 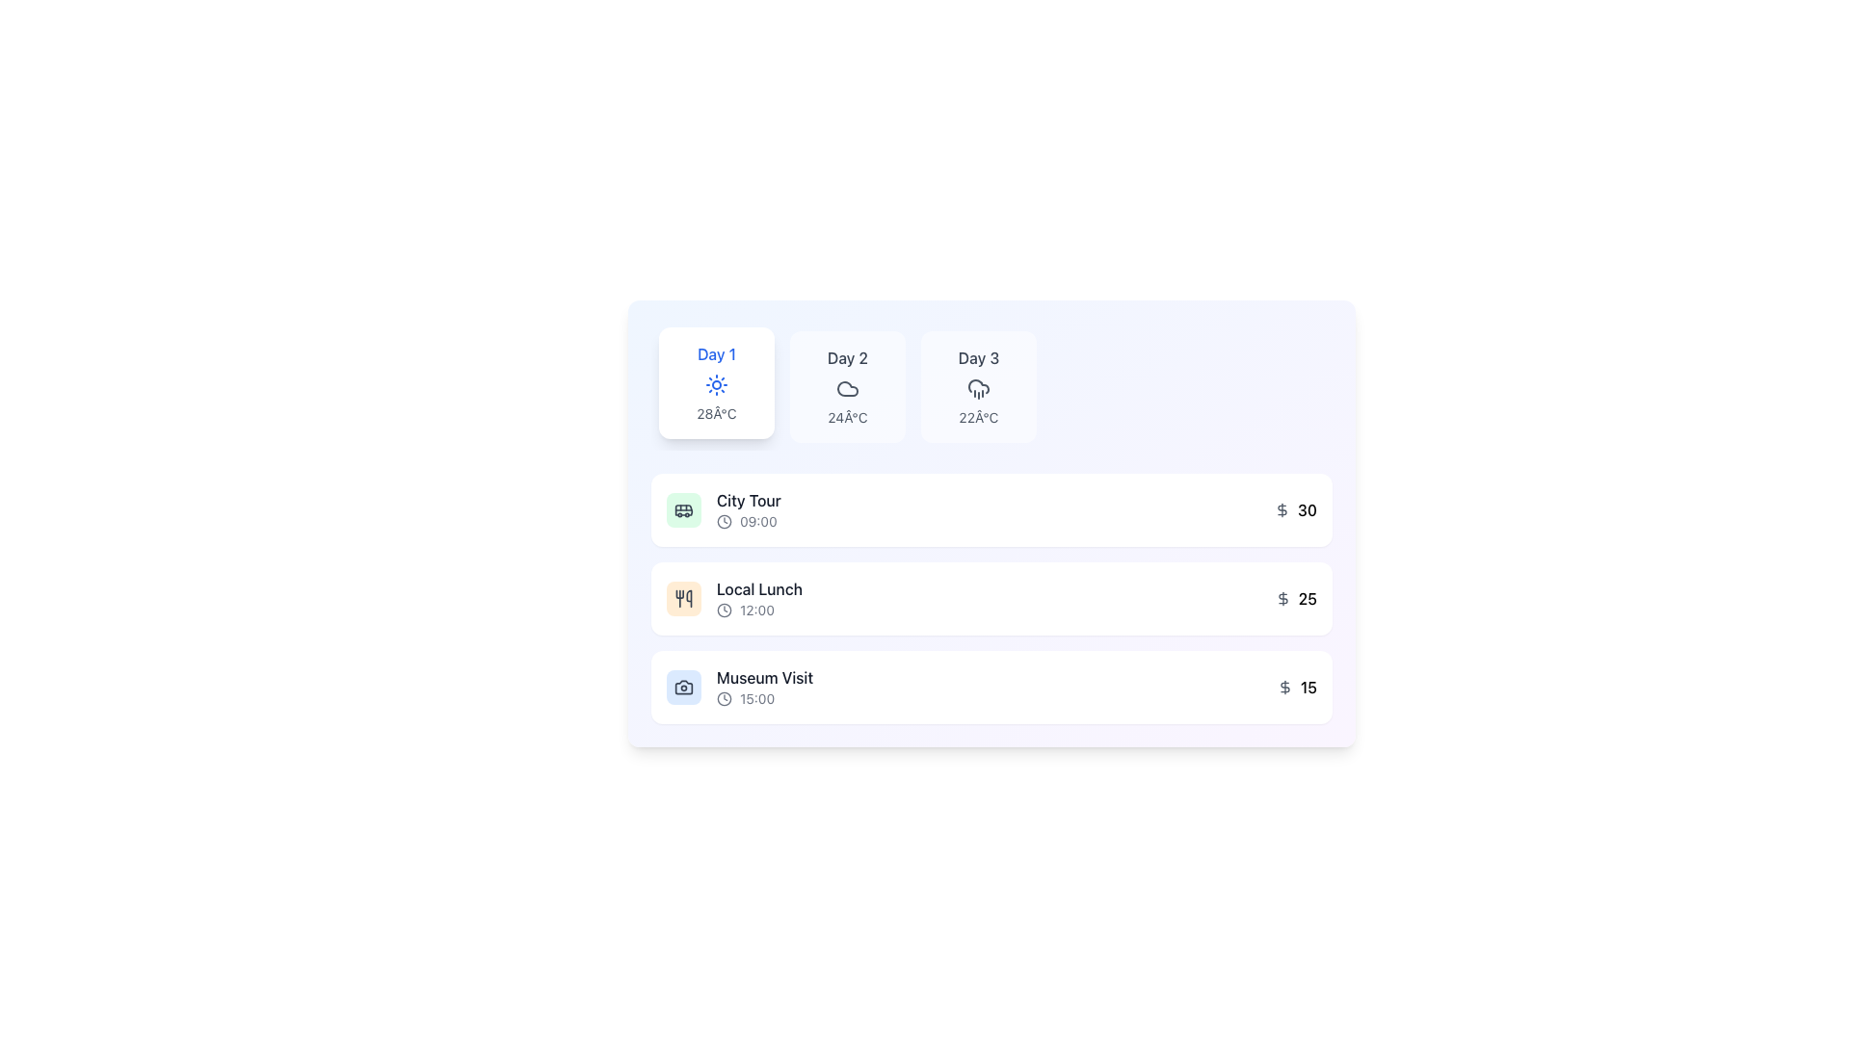 What do you see at coordinates (847, 357) in the screenshot?
I see `the 'Day 2' text label located at the top-center of the second card, which is styled in a medium-sized gray sans-serif font` at bounding box center [847, 357].